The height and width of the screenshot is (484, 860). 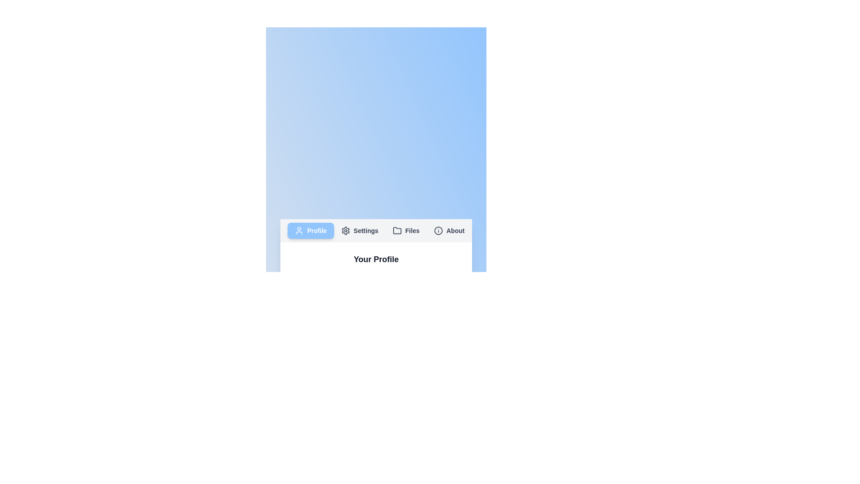 I want to click on the 'Profile' button located at the top-left corner of the blue navigation bar, so click(x=299, y=230).